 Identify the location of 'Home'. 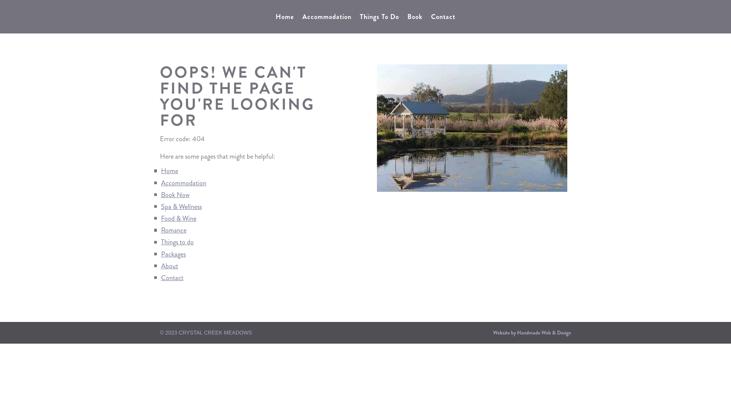
(169, 170).